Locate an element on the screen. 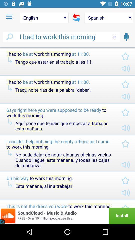  microphone is located at coordinates (126, 37).